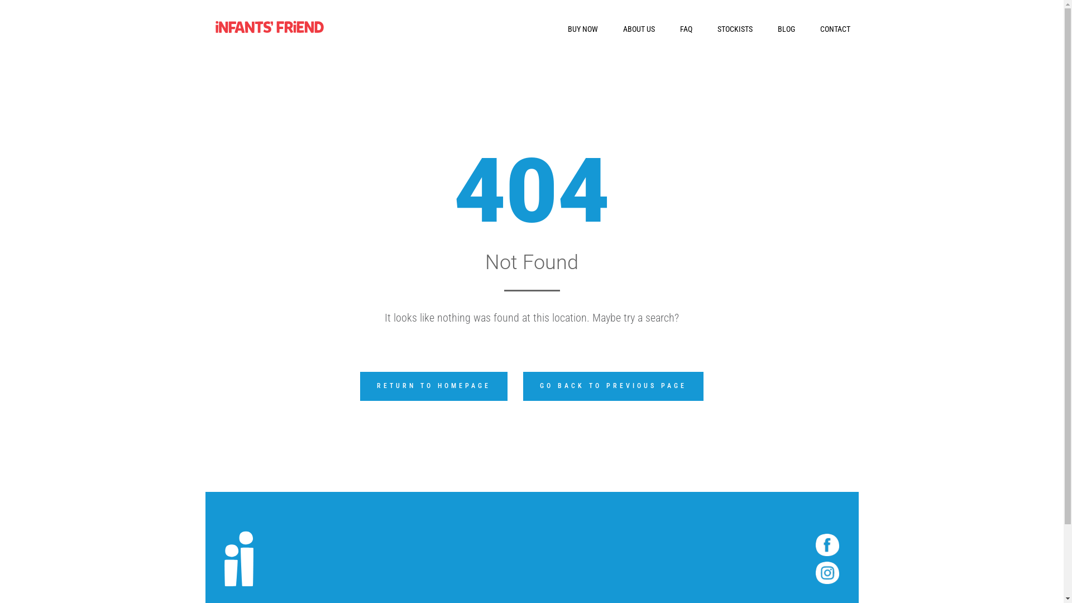 This screenshot has height=603, width=1072. What do you see at coordinates (777, 28) in the screenshot?
I see `'BLOG'` at bounding box center [777, 28].